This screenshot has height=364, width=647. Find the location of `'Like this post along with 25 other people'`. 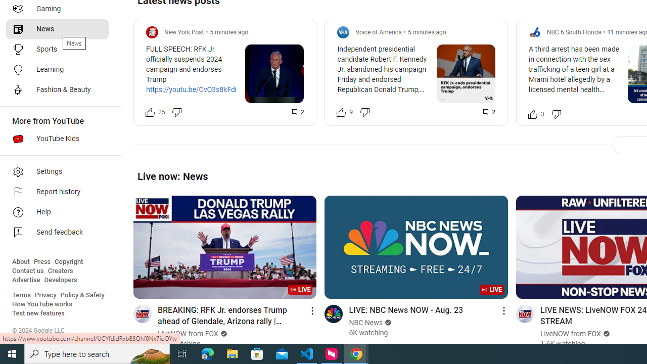

'Like this post along with 25 other people' is located at coordinates (150, 112).